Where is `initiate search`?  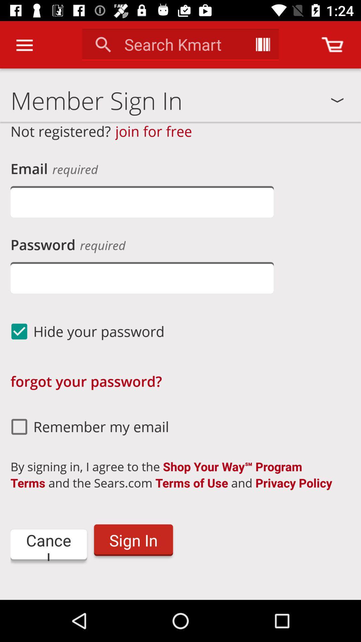 initiate search is located at coordinates (262, 44).